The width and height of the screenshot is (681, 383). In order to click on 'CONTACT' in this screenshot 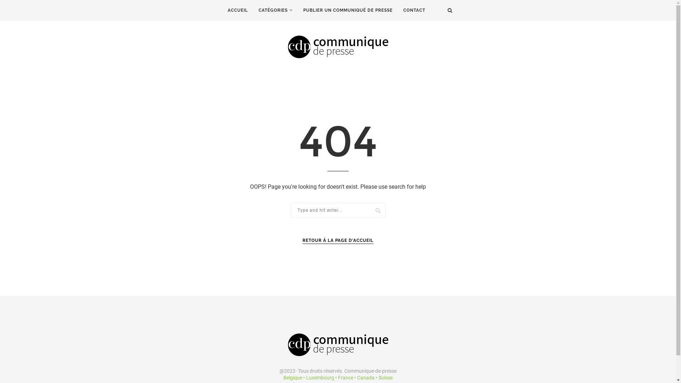, I will do `click(414, 10)`.